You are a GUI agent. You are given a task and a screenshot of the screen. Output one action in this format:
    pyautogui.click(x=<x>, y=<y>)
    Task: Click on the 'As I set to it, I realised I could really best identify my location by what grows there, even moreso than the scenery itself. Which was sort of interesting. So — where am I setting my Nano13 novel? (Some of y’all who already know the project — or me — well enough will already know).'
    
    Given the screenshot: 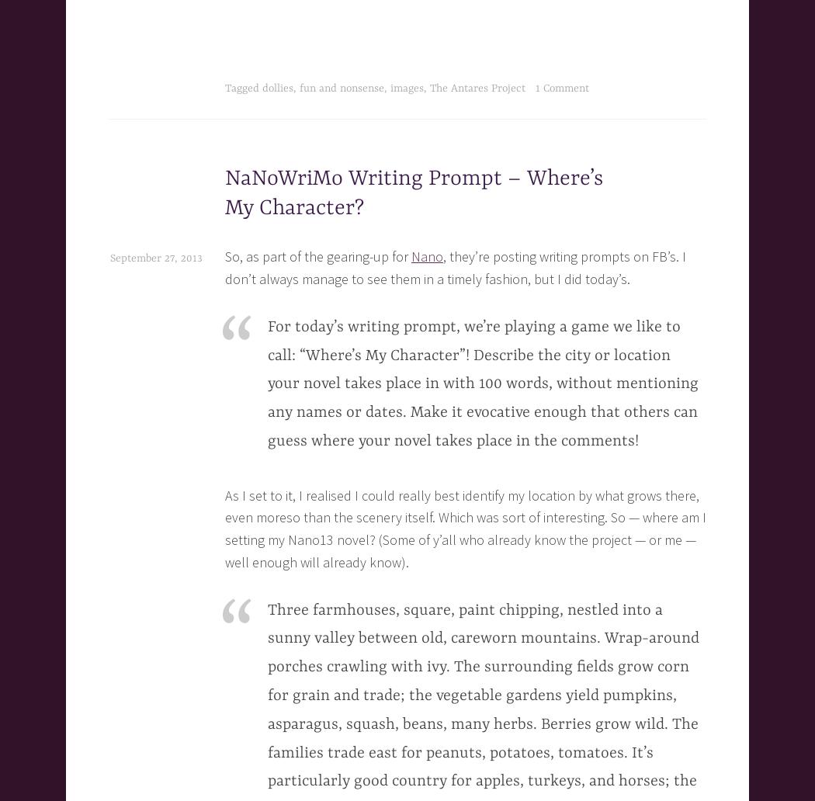 What is the action you would take?
    pyautogui.click(x=464, y=527)
    